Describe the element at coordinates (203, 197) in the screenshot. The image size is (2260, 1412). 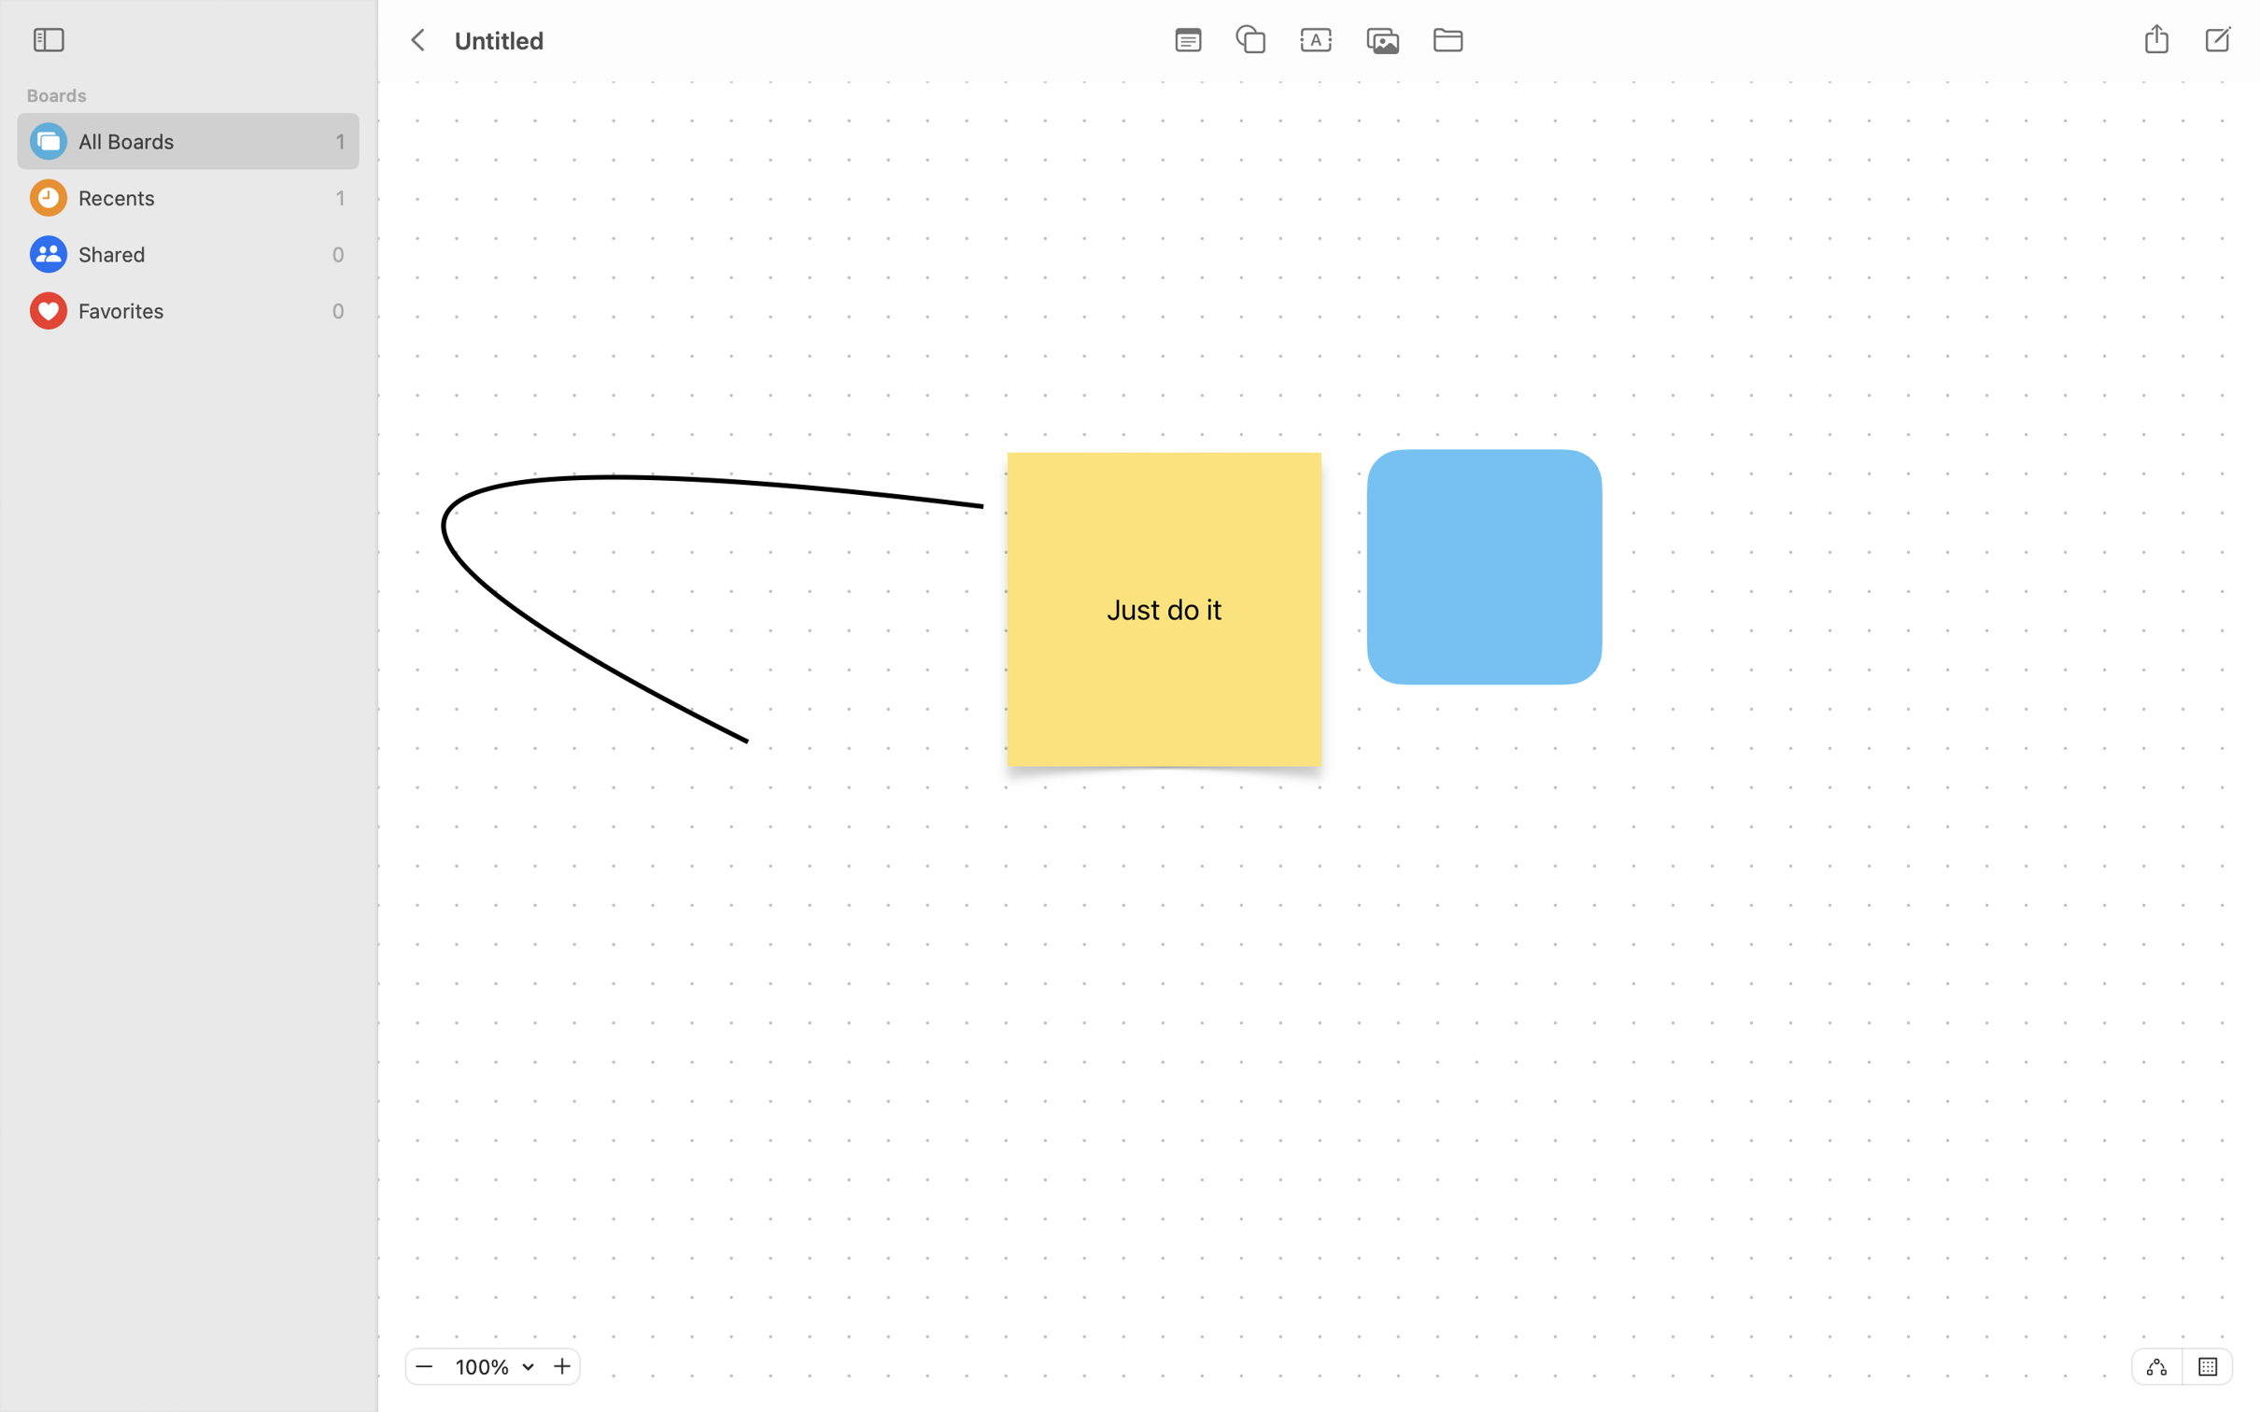
I see `'Recents'` at that location.